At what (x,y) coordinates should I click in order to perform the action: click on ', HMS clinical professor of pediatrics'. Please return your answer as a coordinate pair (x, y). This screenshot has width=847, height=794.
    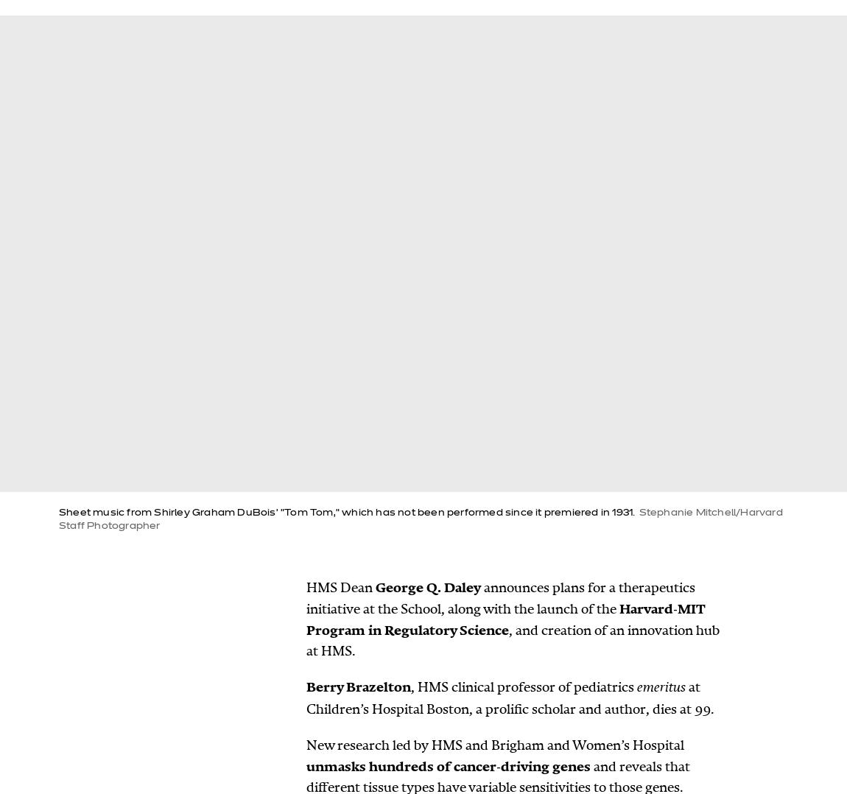
    Looking at the image, I should click on (523, 686).